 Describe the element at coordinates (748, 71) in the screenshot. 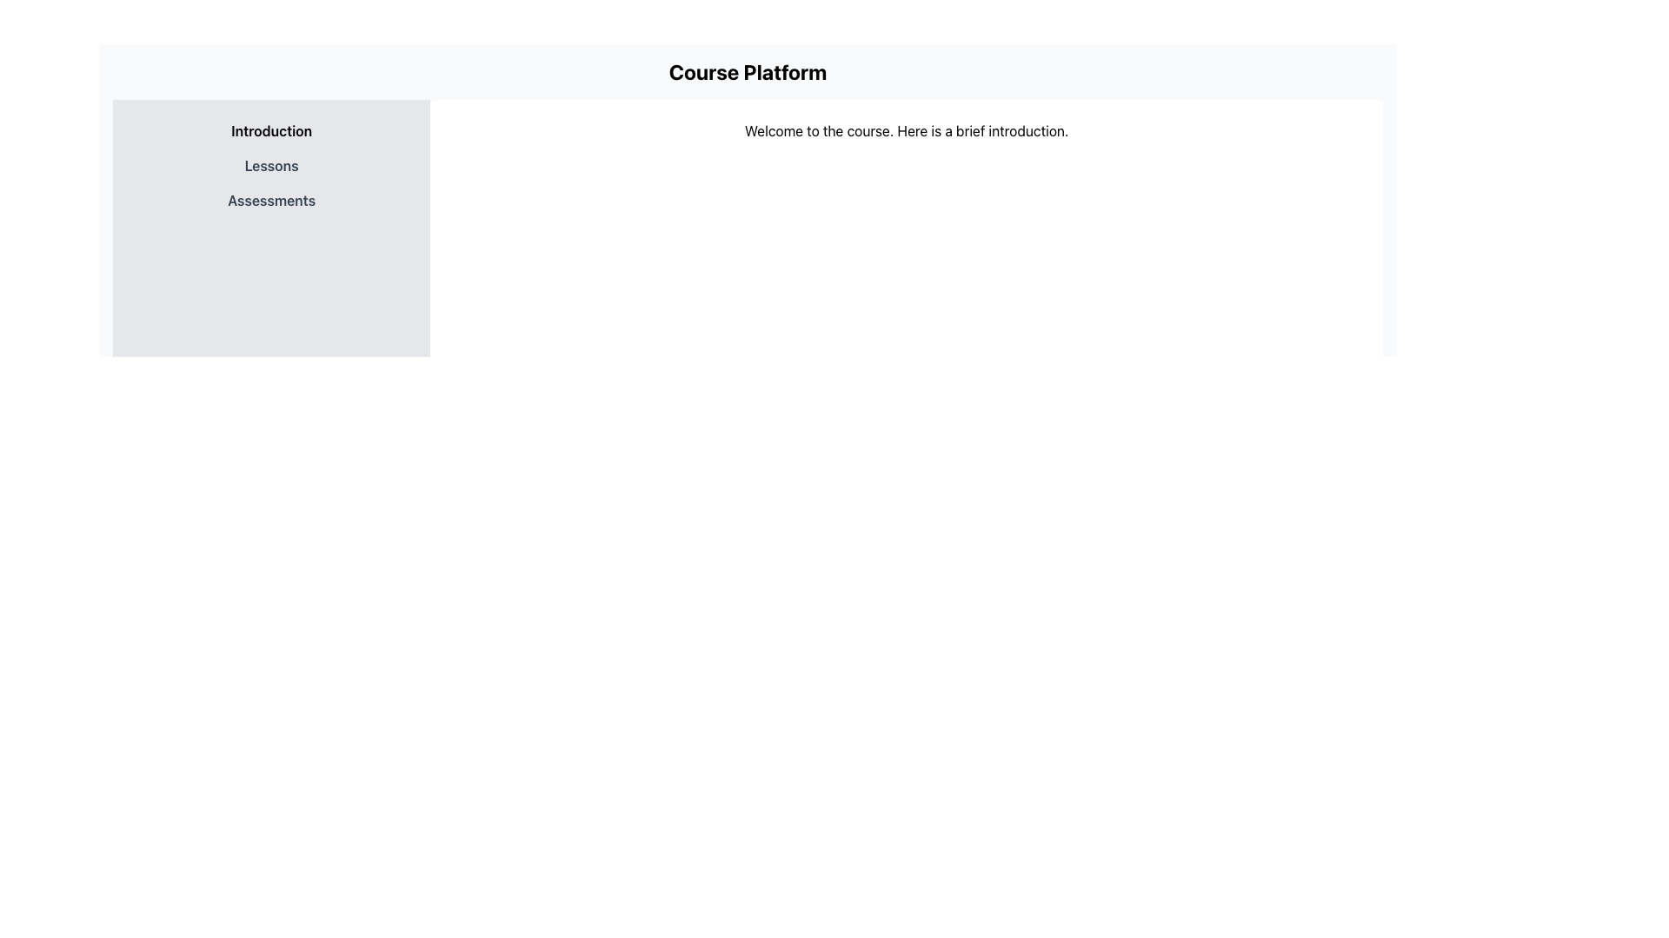

I see `the Text Label at the top center of the interface that serves as the title or heading for the page` at that location.